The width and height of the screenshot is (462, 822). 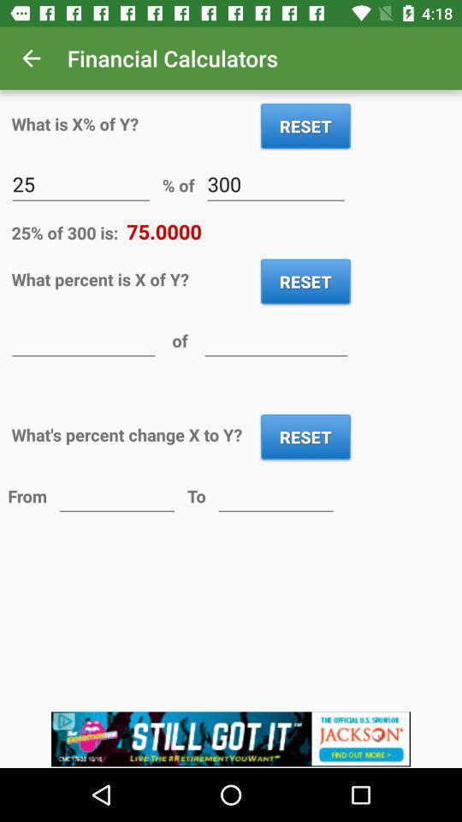 I want to click on advertisement, so click(x=231, y=739).